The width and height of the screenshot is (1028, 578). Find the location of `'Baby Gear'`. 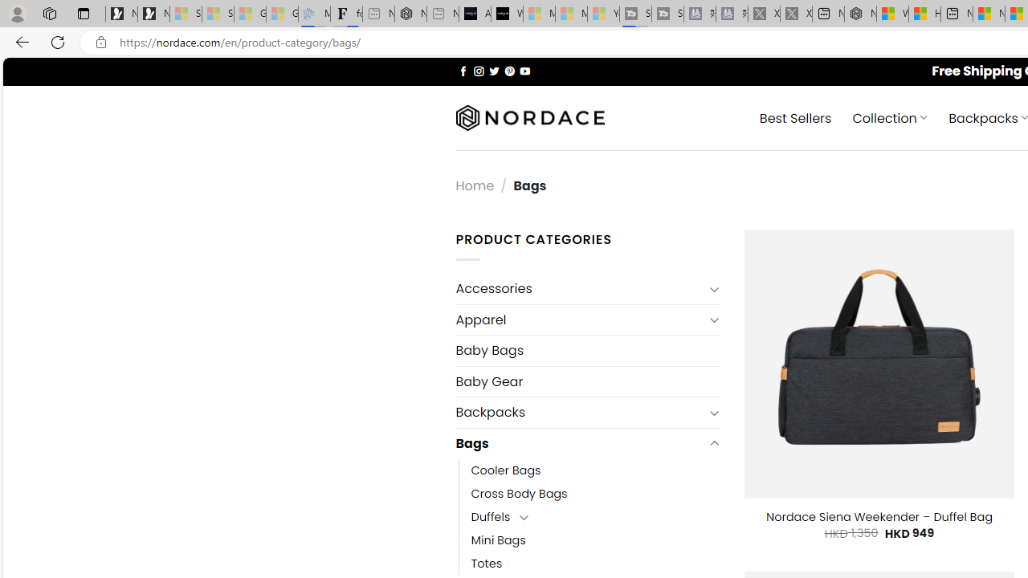

'Baby Gear' is located at coordinates (587, 381).